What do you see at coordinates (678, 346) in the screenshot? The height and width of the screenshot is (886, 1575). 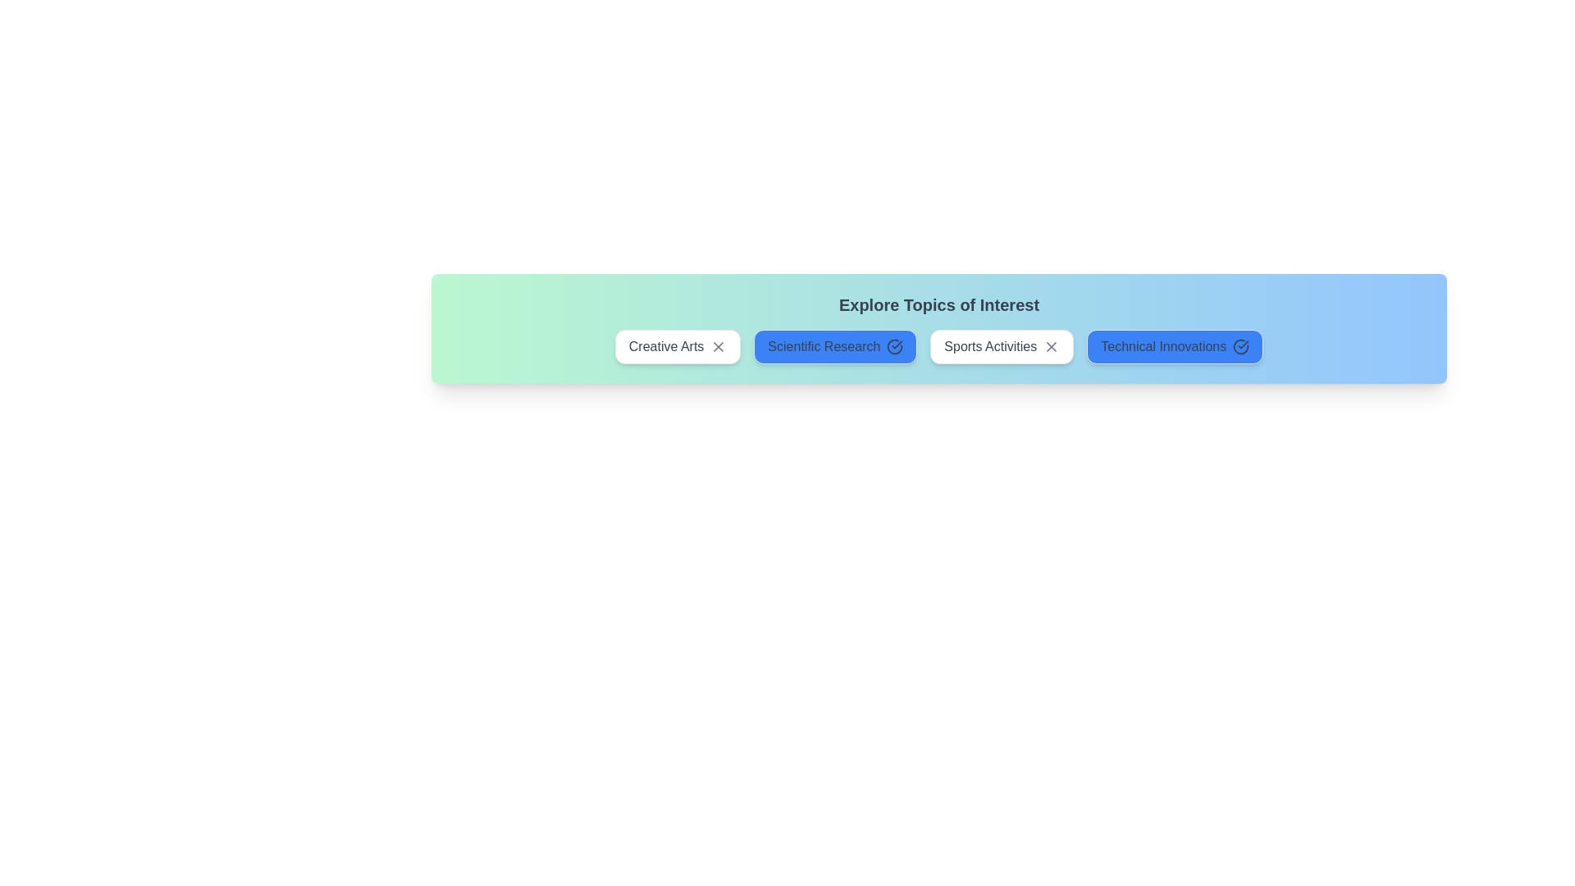 I see `the chip labeled Creative Arts` at bounding box center [678, 346].